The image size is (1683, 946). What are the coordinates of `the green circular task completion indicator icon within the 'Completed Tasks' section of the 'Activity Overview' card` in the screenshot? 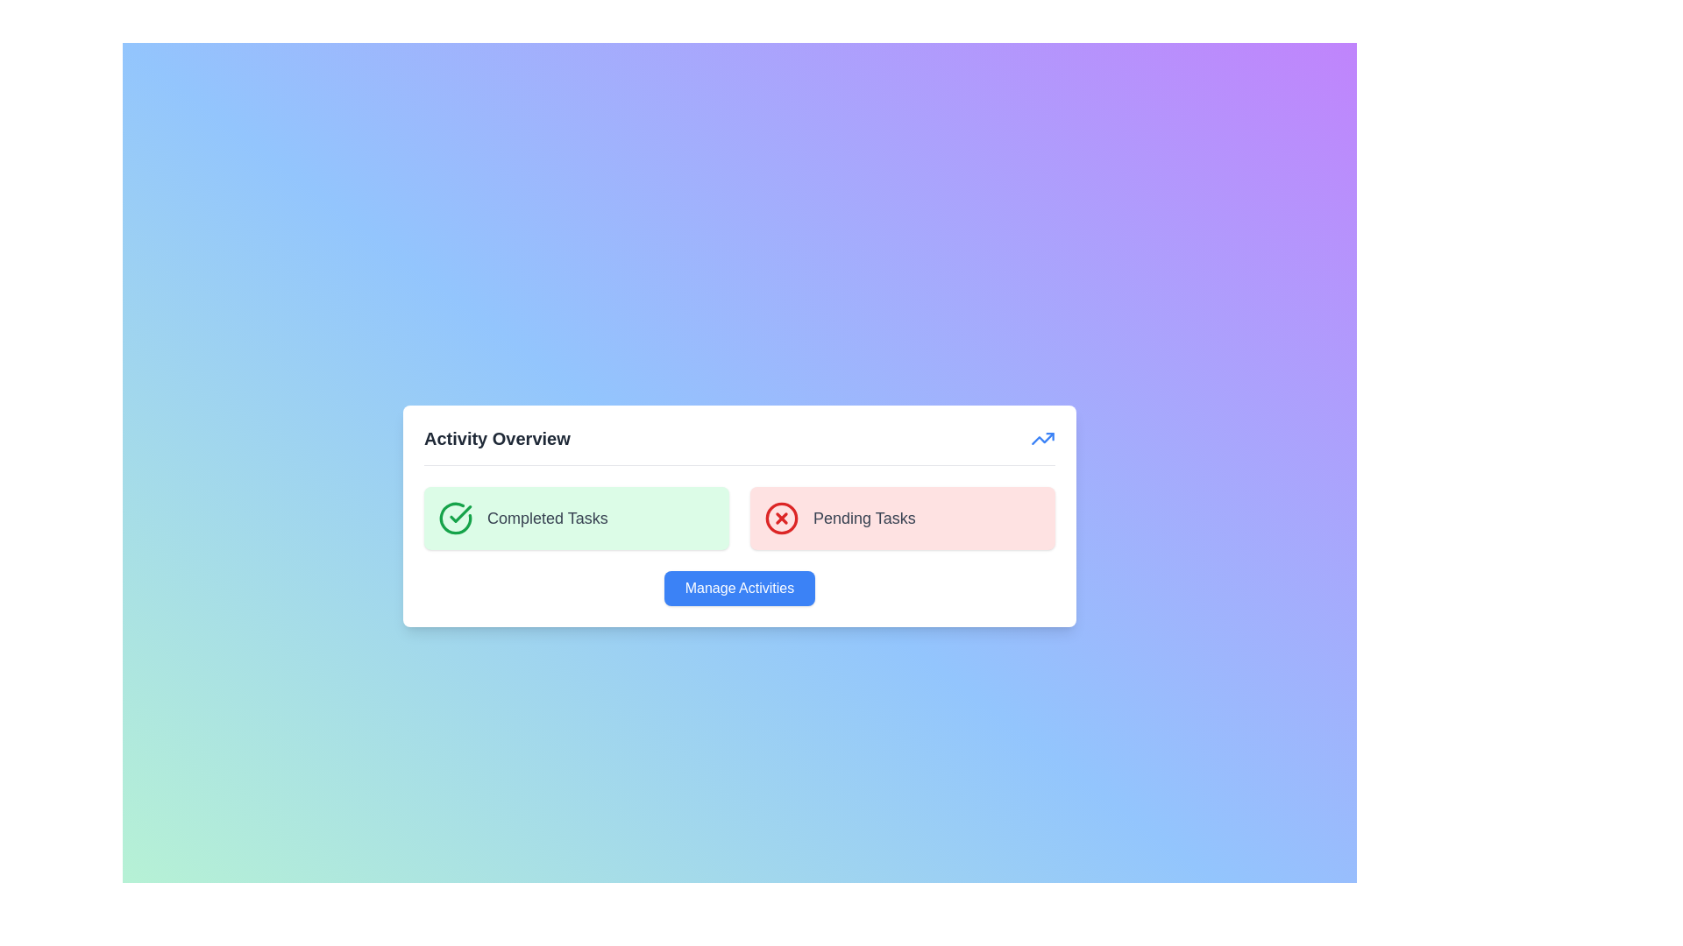 It's located at (455, 517).